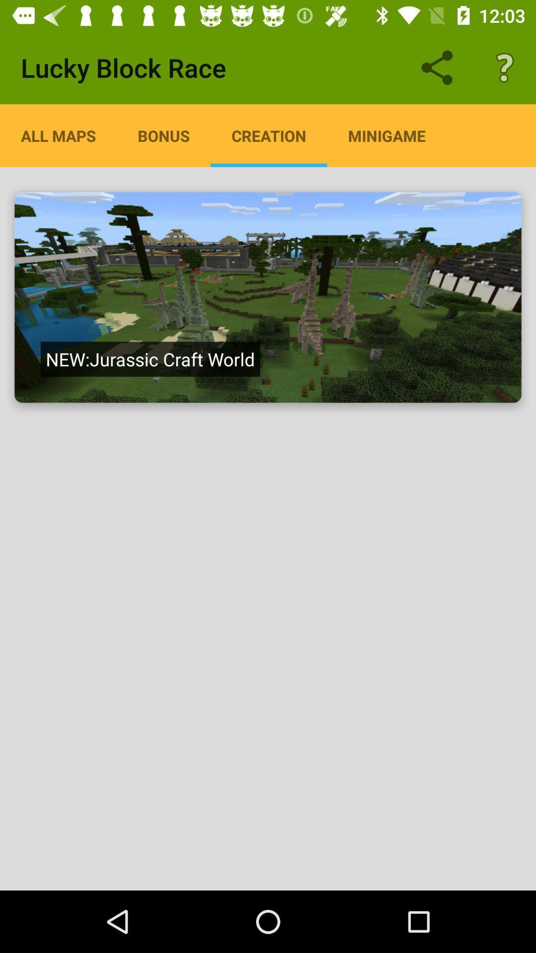 The image size is (536, 953). I want to click on icon below lucky block race, so click(58, 135).